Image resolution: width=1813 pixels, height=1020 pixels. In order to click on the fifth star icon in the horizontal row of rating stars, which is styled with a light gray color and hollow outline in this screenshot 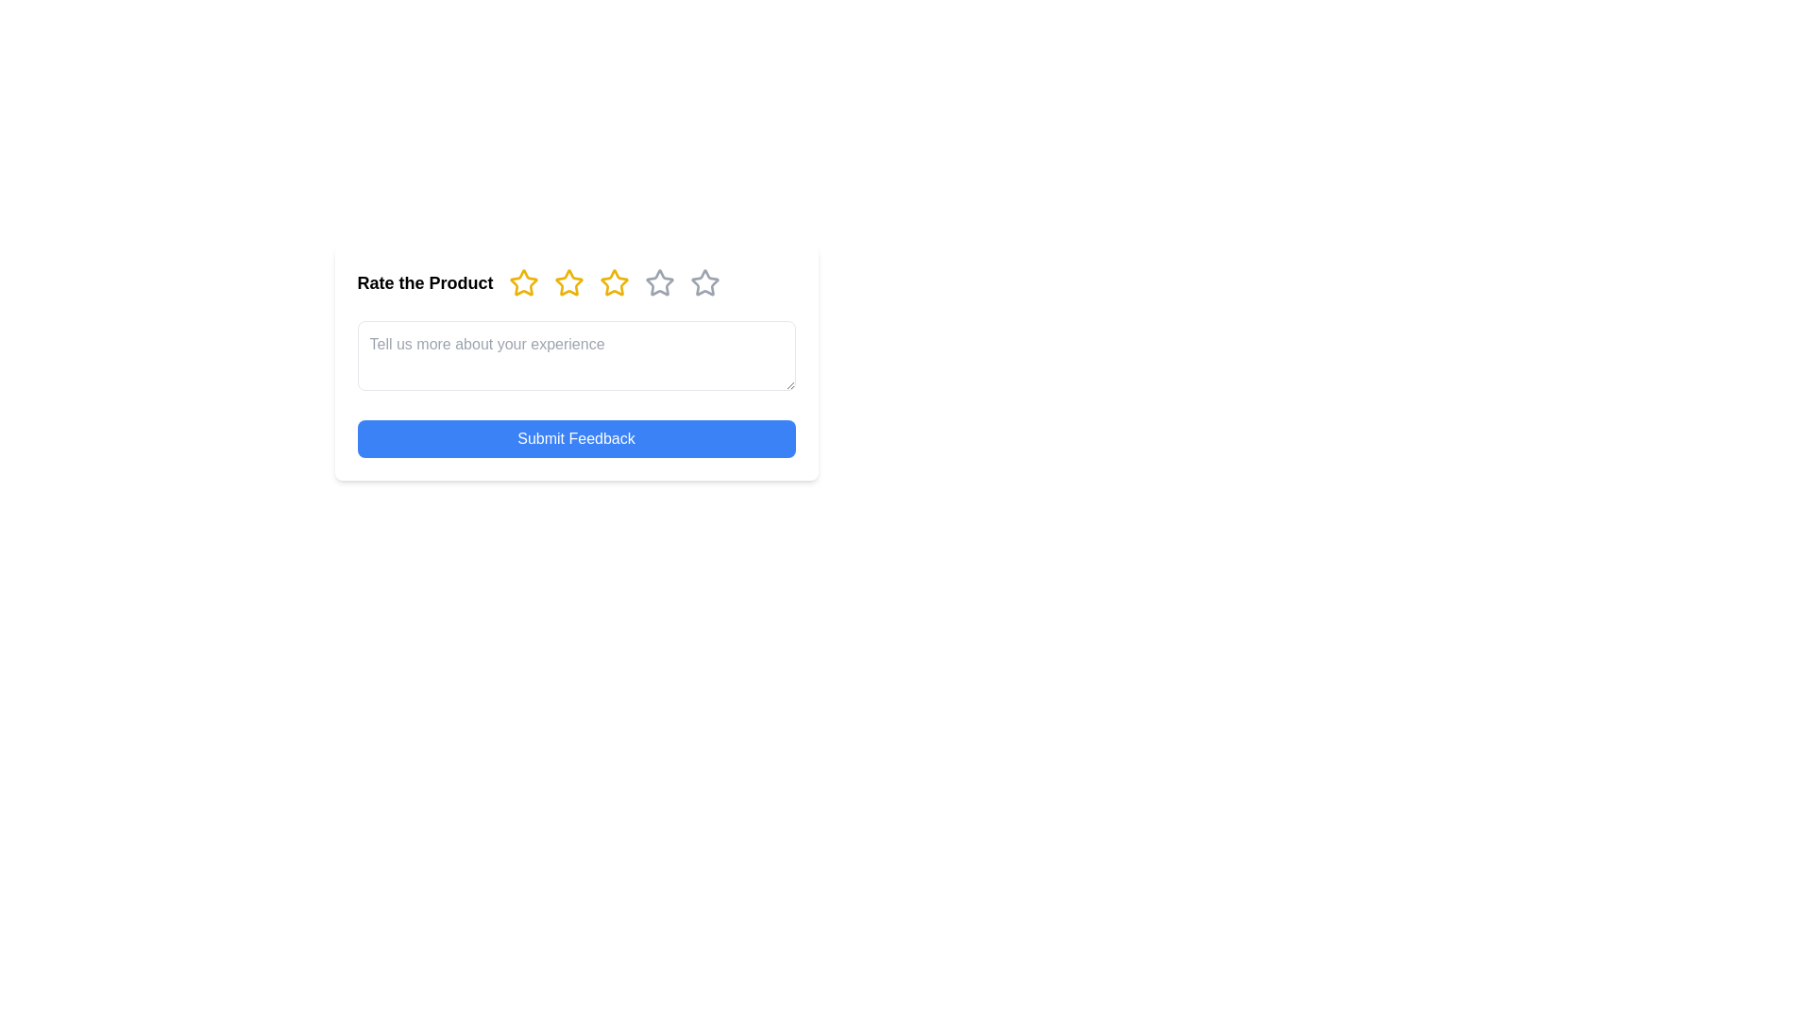, I will do `click(703, 283)`.